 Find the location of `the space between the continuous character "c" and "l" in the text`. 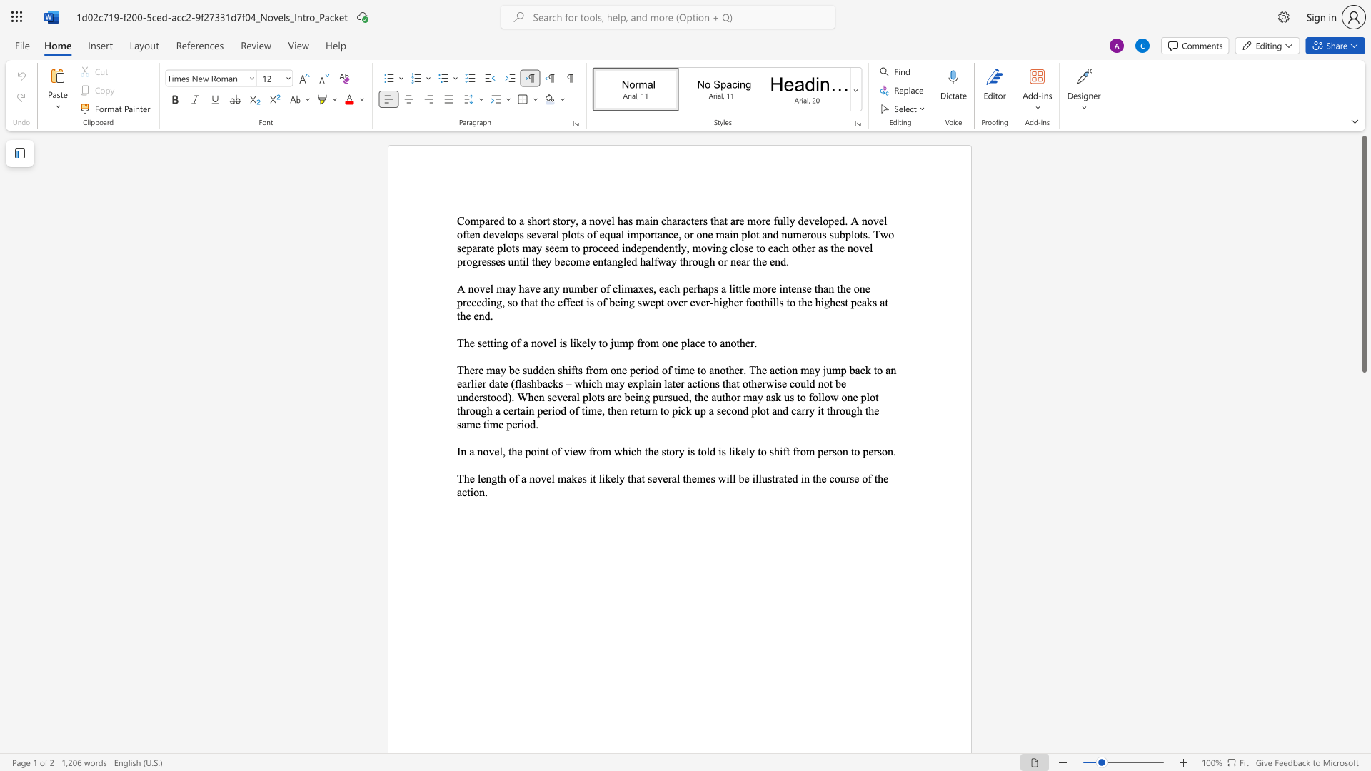

the space between the continuous character "c" and "l" in the text is located at coordinates (734, 247).